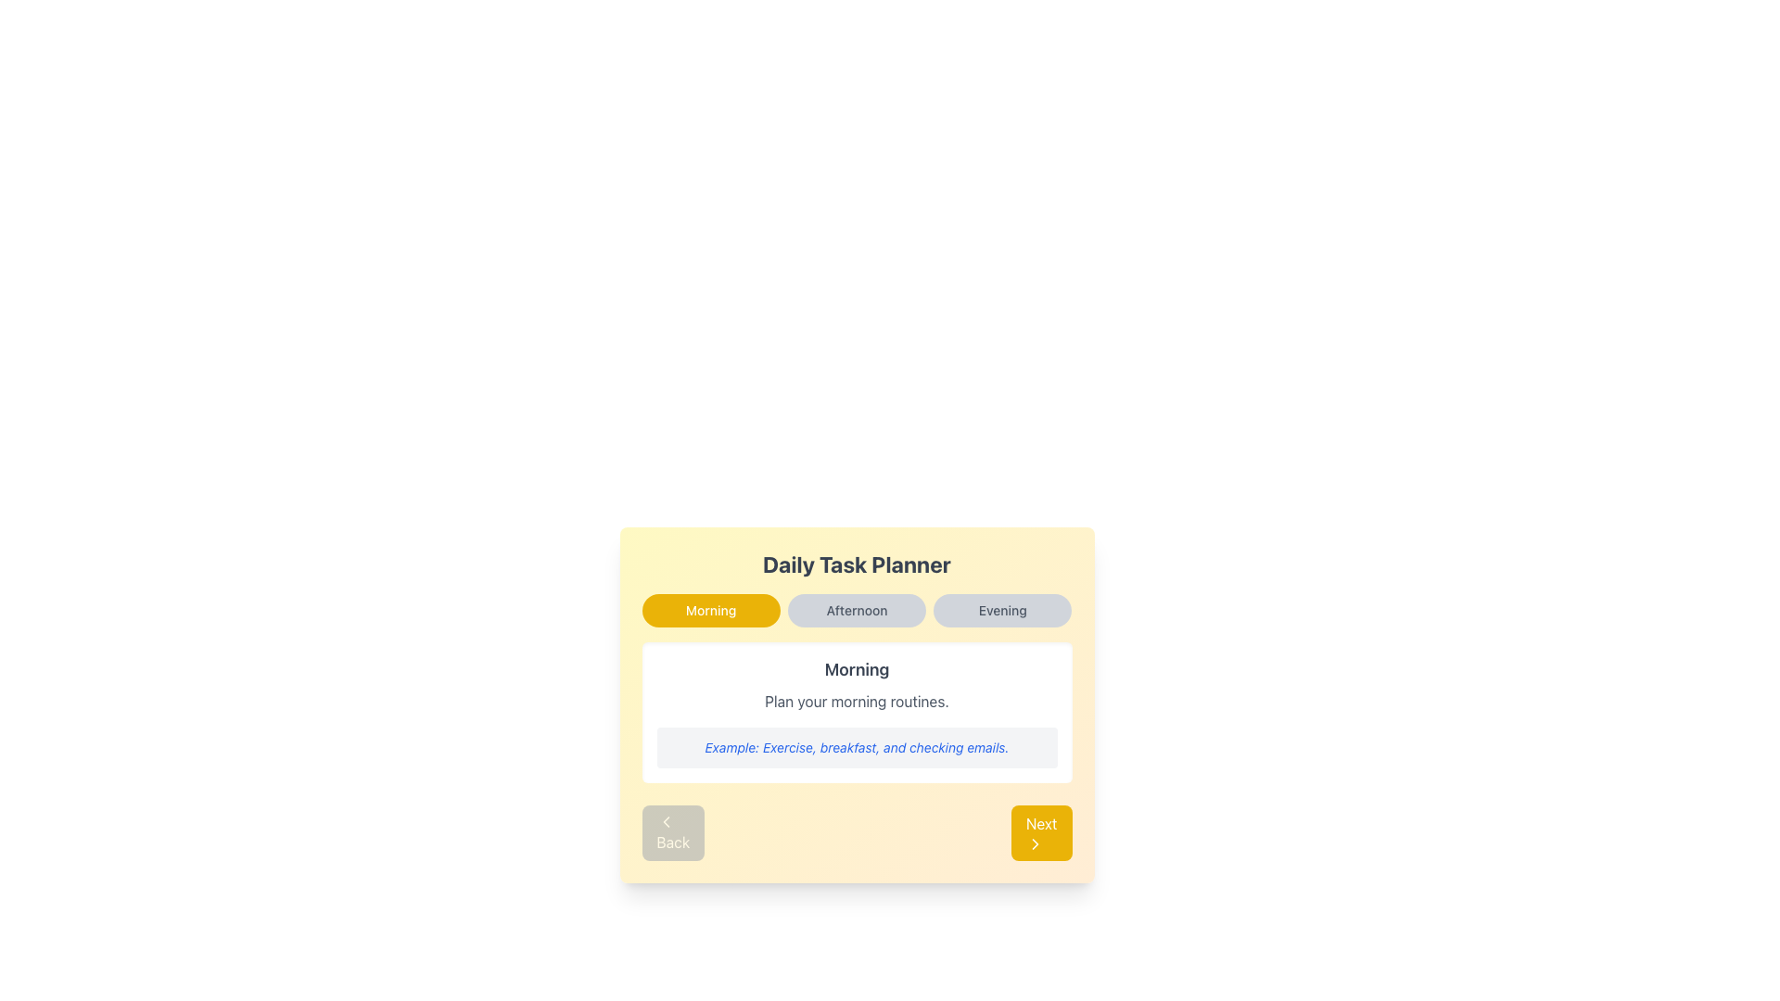 This screenshot has width=1780, height=1001. What do you see at coordinates (856, 669) in the screenshot?
I see `the text component displaying 'Morning' in bold gray font, which serves as the header for the Morning section in the task planner interface` at bounding box center [856, 669].